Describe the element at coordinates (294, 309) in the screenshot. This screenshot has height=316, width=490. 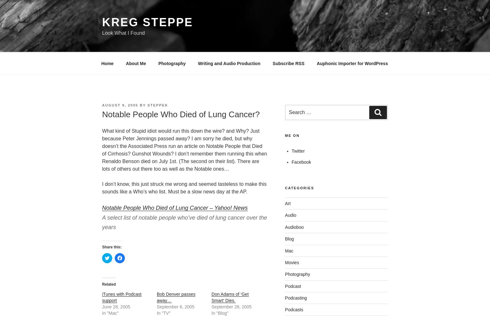
I see `'Podcasts'` at that location.